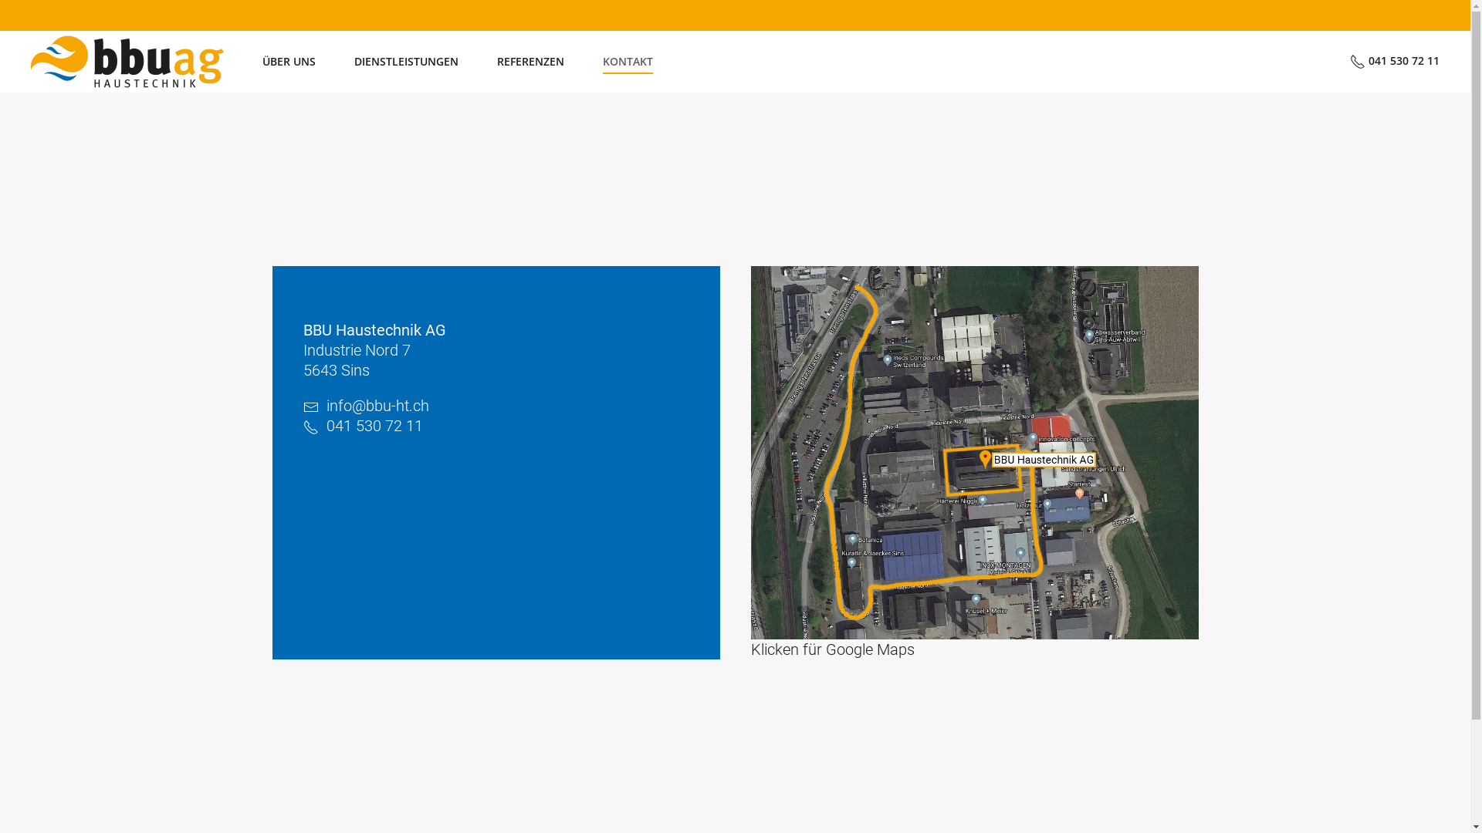 This screenshot has width=1482, height=833. I want to click on 'info@bbu-ht.ch', so click(377, 404).